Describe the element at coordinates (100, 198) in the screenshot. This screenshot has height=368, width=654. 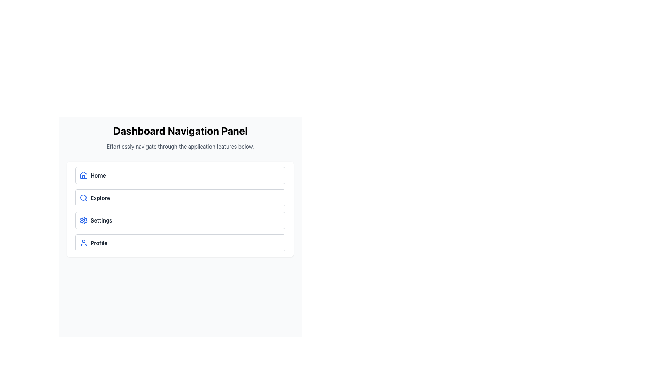
I see `the button containing the 'Explore' text label` at that location.